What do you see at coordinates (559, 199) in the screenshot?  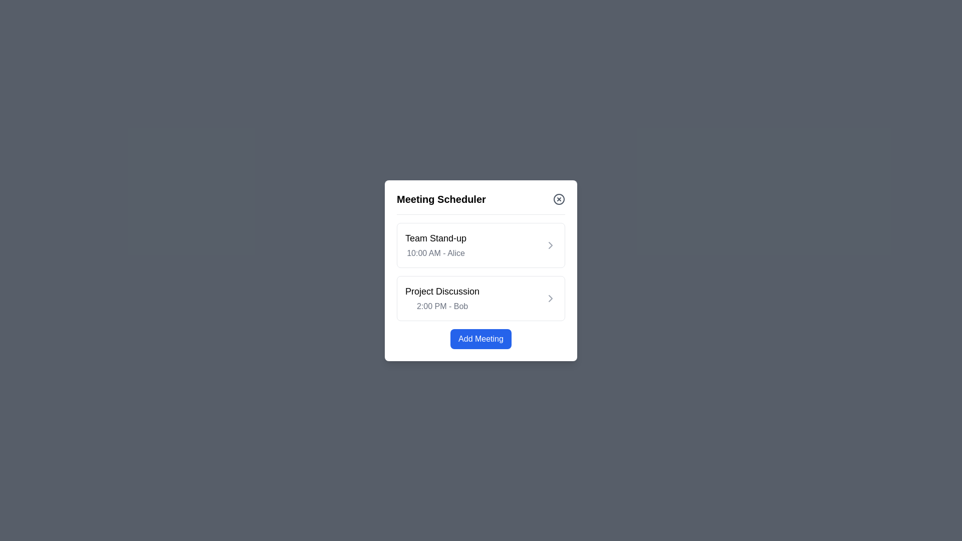 I see `the close button icon resembling a circle with an 'X' inside, located in the top-right corner of the 'Meeting Scheduler' section` at bounding box center [559, 199].